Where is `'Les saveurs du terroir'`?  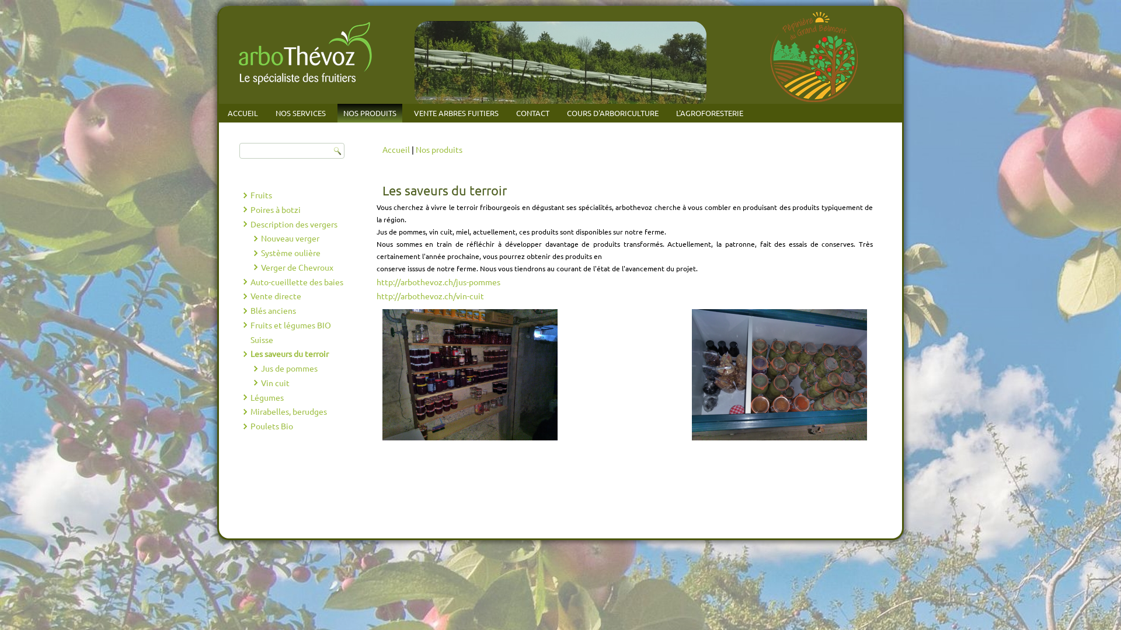 'Les saveurs du terroir' is located at coordinates (288, 352).